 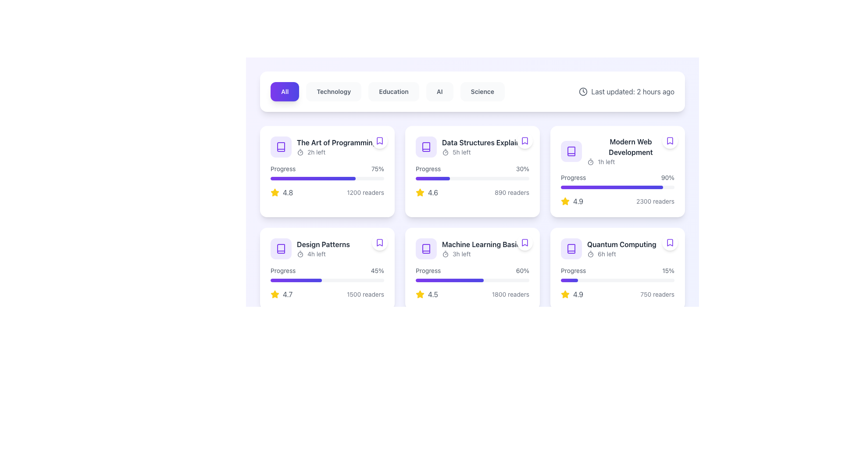 What do you see at coordinates (439, 91) in the screenshot?
I see `the fourth button in the navigation bar labeled 'AI'` at bounding box center [439, 91].